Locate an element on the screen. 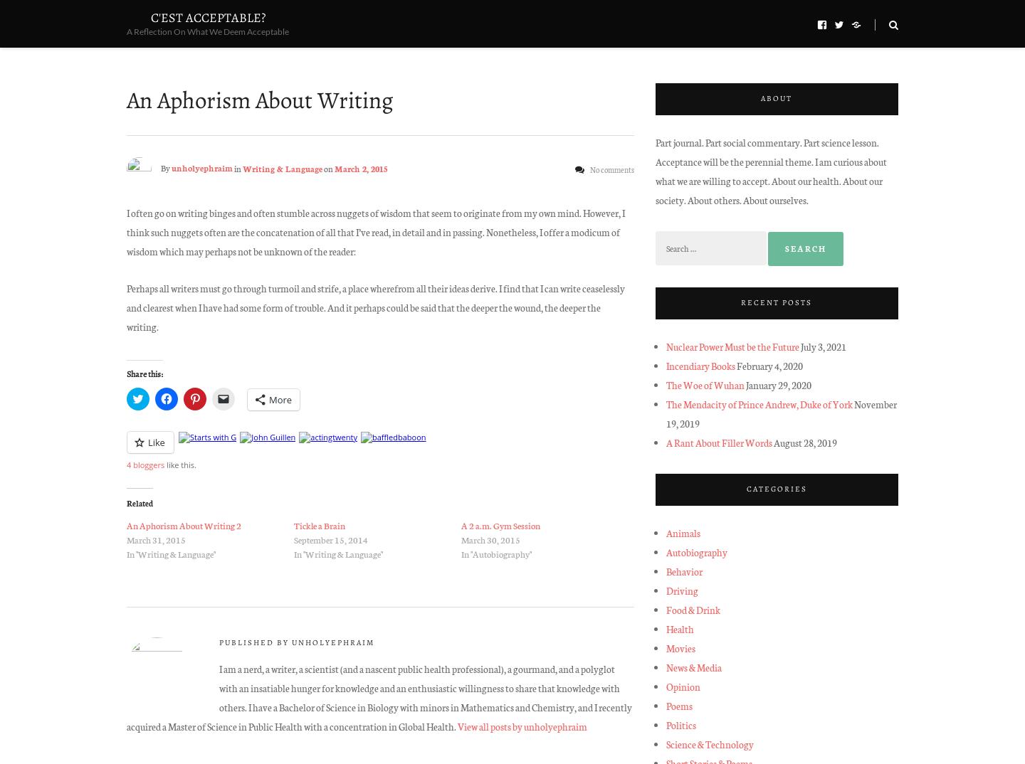 The image size is (1025, 764). 'News & Media' is located at coordinates (693, 667).